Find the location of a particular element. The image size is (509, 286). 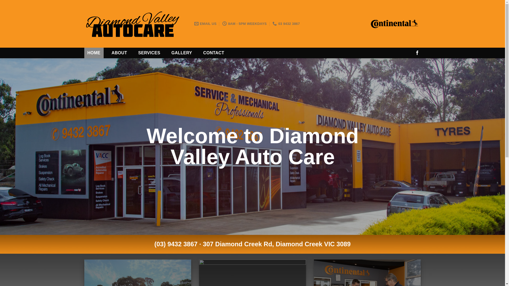

'03 9432 3867' is located at coordinates (286, 23).